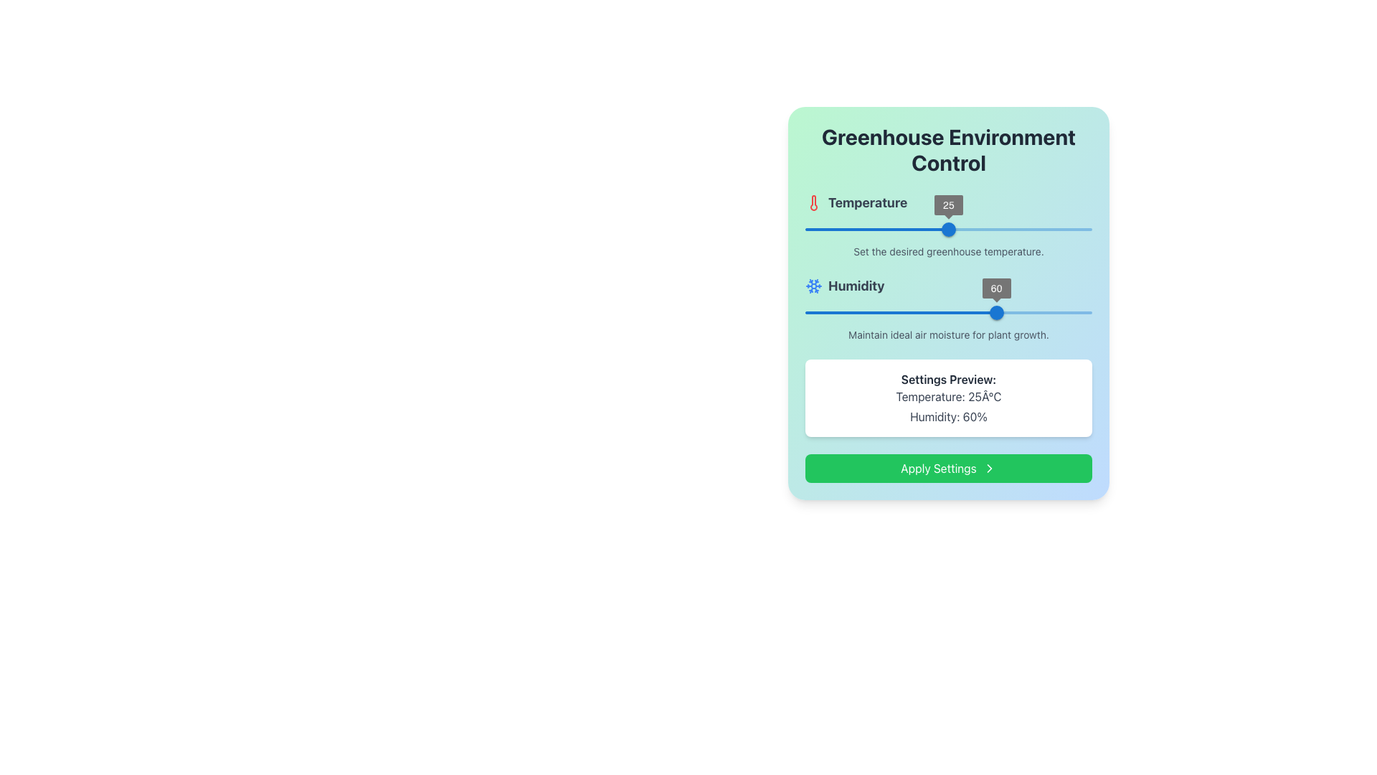 The image size is (1377, 775). What do you see at coordinates (866, 229) in the screenshot?
I see `temperature` at bounding box center [866, 229].